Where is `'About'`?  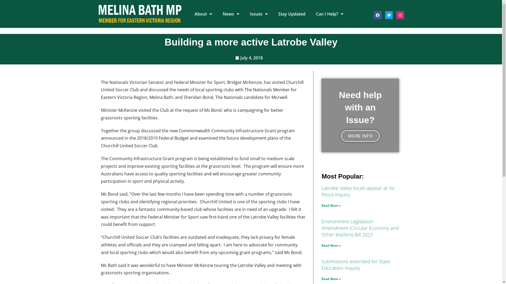 'About' is located at coordinates (203, 14).